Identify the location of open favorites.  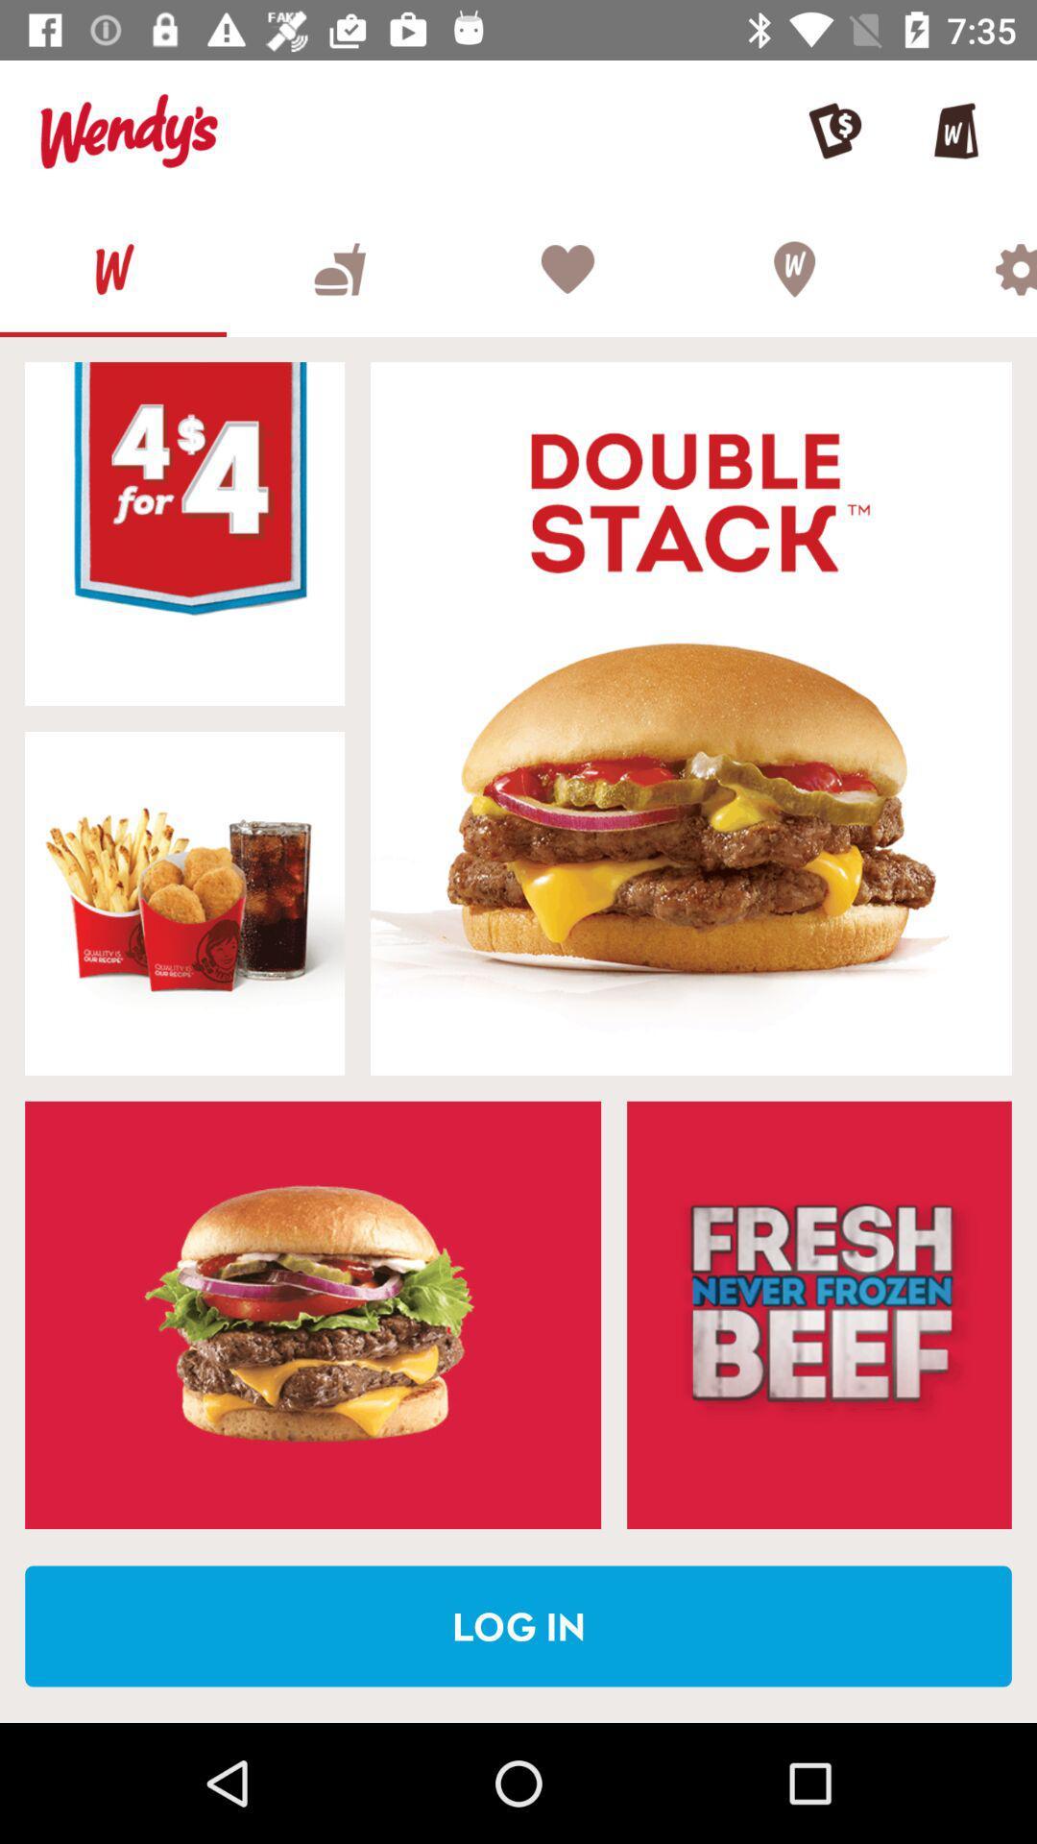
(566, 268).